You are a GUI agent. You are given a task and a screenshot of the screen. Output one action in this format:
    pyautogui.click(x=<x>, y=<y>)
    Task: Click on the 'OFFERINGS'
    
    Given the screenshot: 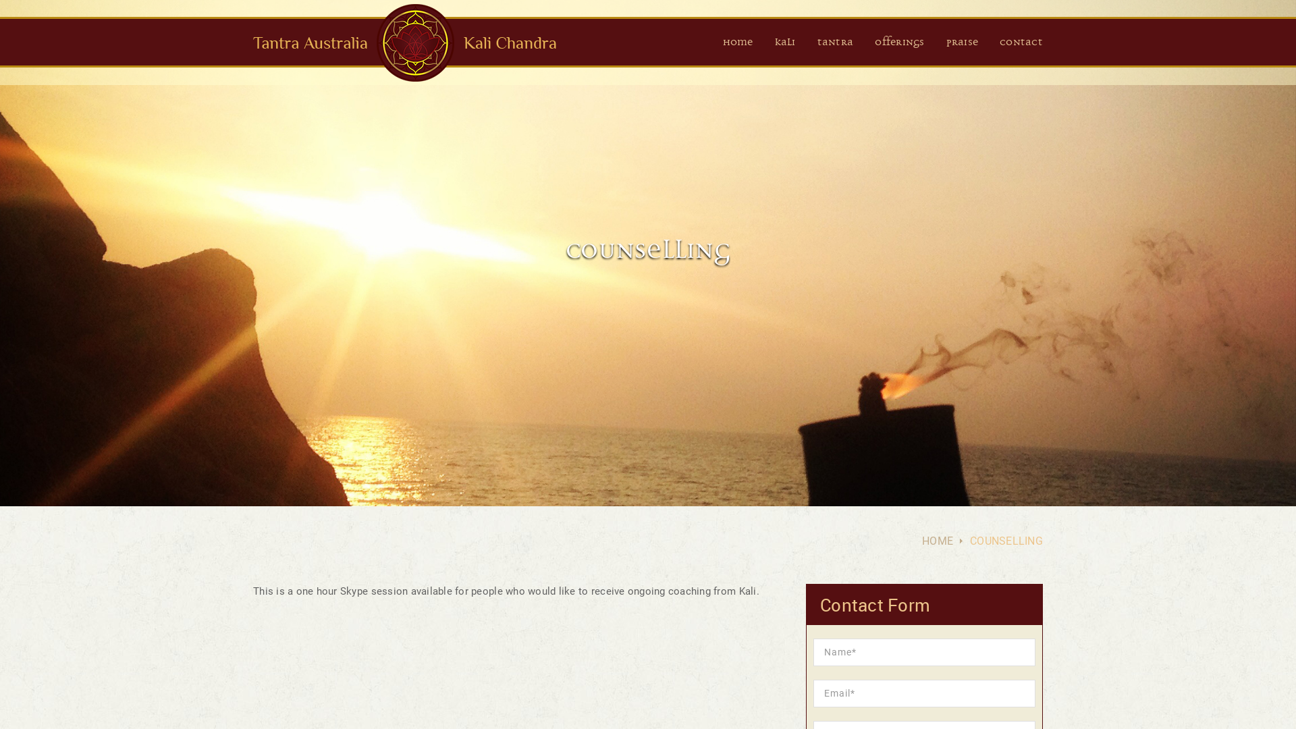 What is the action you would take?
    pyautogui.click(x=899, y=43)
    